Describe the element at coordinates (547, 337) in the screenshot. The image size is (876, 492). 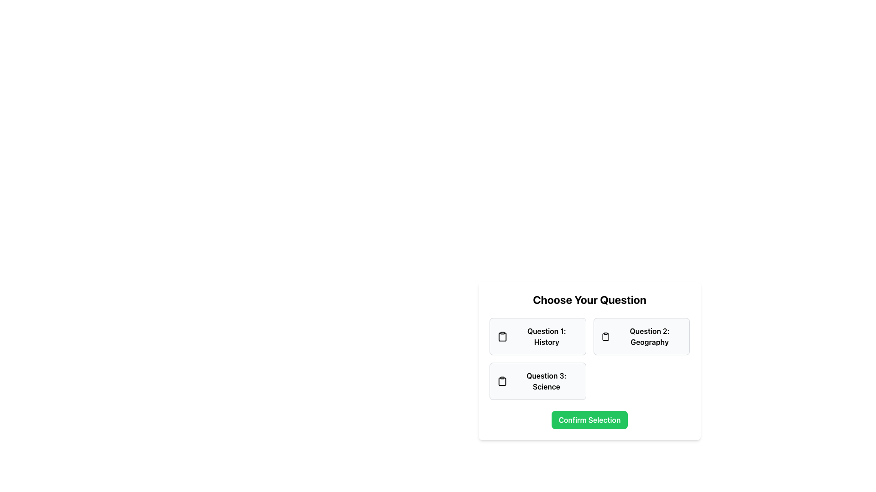
I see `text label 'Question 1: History' located at the top-left corner of the grid of question cards within the 'Choose Your Question' section` at that location.